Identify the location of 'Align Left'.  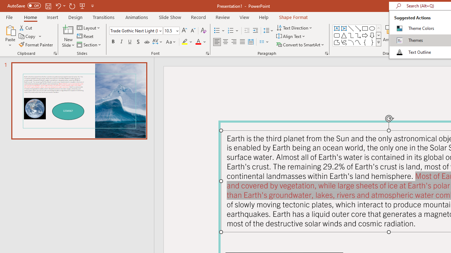
(217, 42).